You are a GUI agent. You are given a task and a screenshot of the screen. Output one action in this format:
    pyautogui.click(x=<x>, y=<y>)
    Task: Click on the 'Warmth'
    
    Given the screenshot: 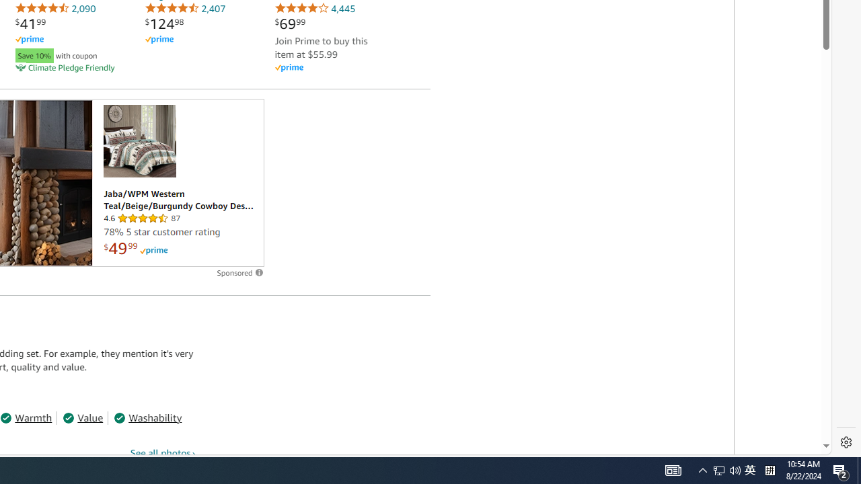 What is the action you would take?
    pyautogui.click(x=26, y=417)
    